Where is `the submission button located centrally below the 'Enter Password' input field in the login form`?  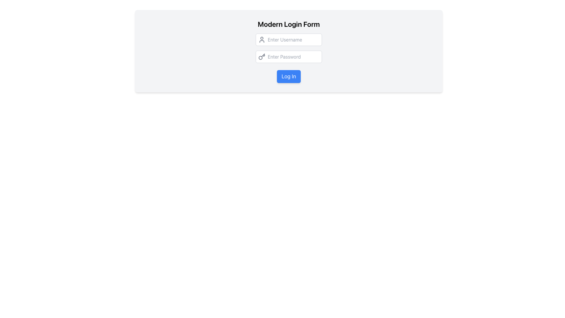 the submission button located centrally below the 'Enter Password' input field in the login form is located at coordinates (289, 76).